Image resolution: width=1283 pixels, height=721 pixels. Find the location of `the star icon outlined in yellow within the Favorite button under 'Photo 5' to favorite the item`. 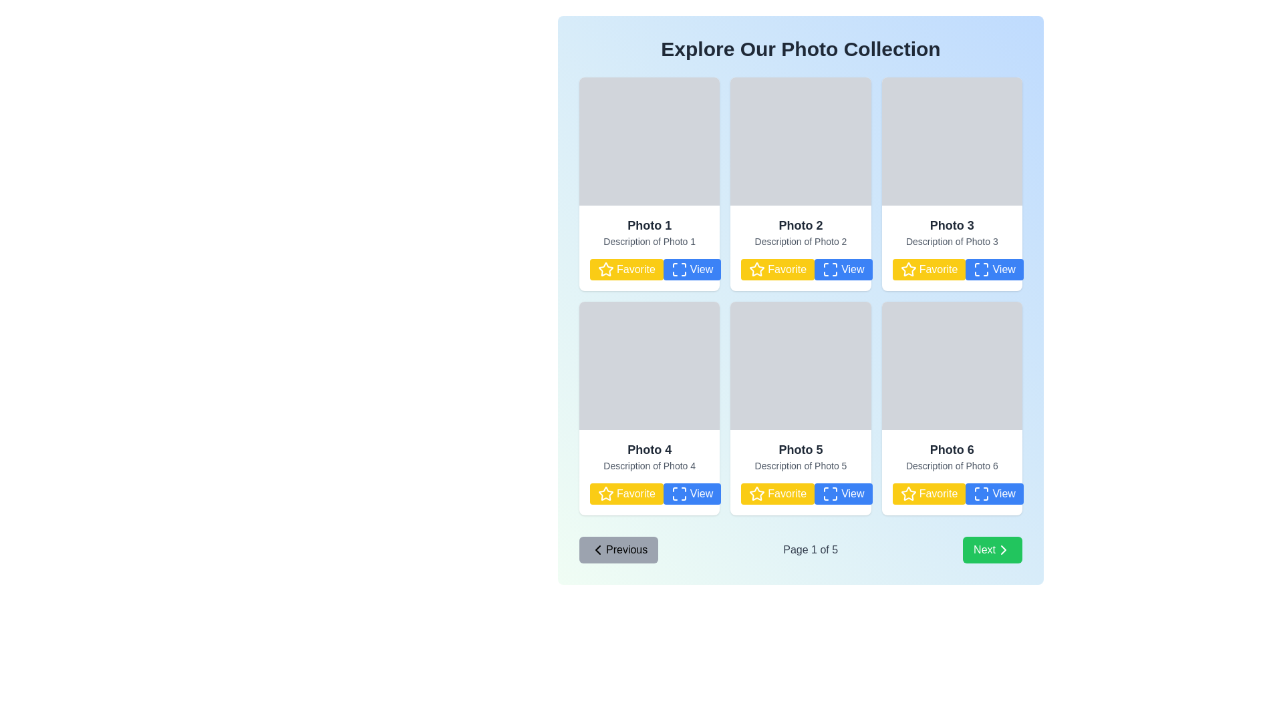

the star icon outlined in yellow within the Favorite button under 'Photo 5' to favorite the item is located at coordinates (757, 494).